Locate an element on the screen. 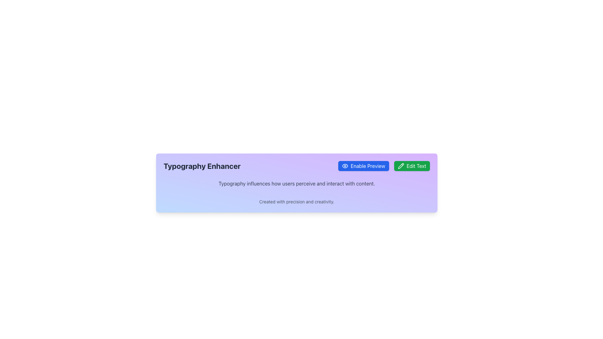 The image size is (603, 339). the 'Edit Text' button that contains a pencil icon with a green background is located at coordinates (400, 165).